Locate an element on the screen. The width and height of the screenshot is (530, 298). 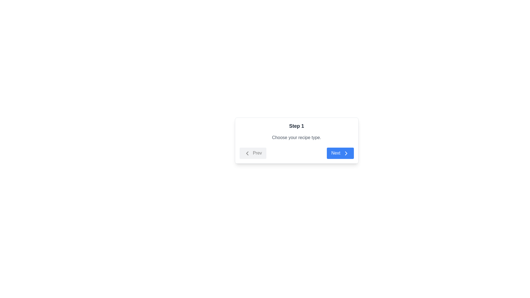
the chevron icon on the right side of the blue 'Next' button is located at coordinates (346, 153).